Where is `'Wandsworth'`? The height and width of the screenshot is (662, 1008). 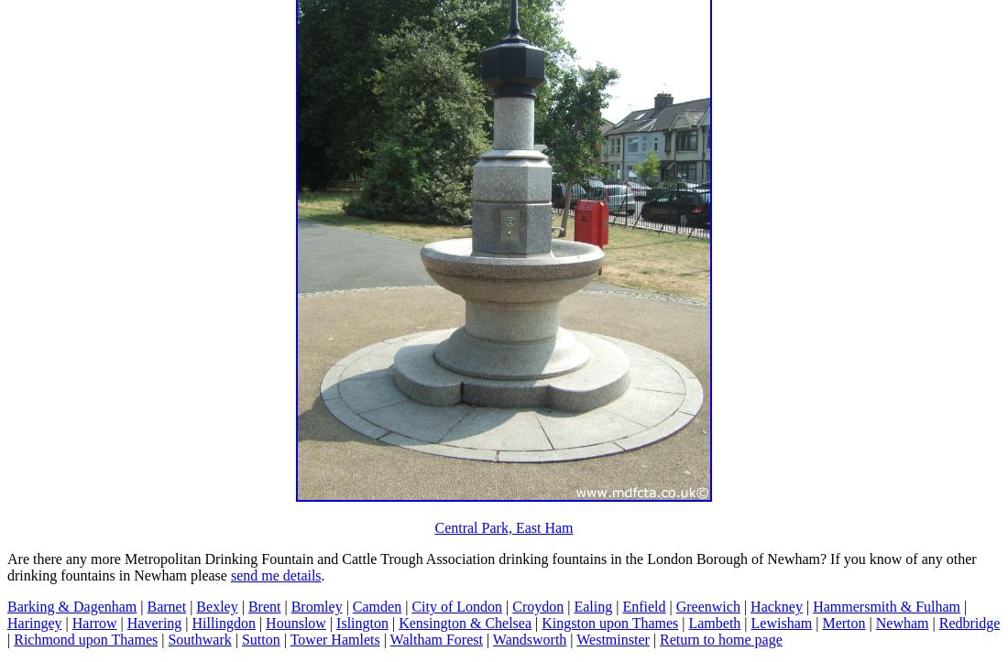
'Wandsworth' is located at coordinates (528, 637).